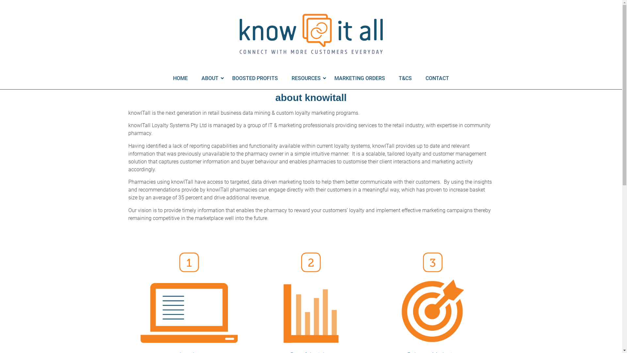 This screenshot has width=627, height=353. I want to click on 'CONTACT', so click(437, 78).